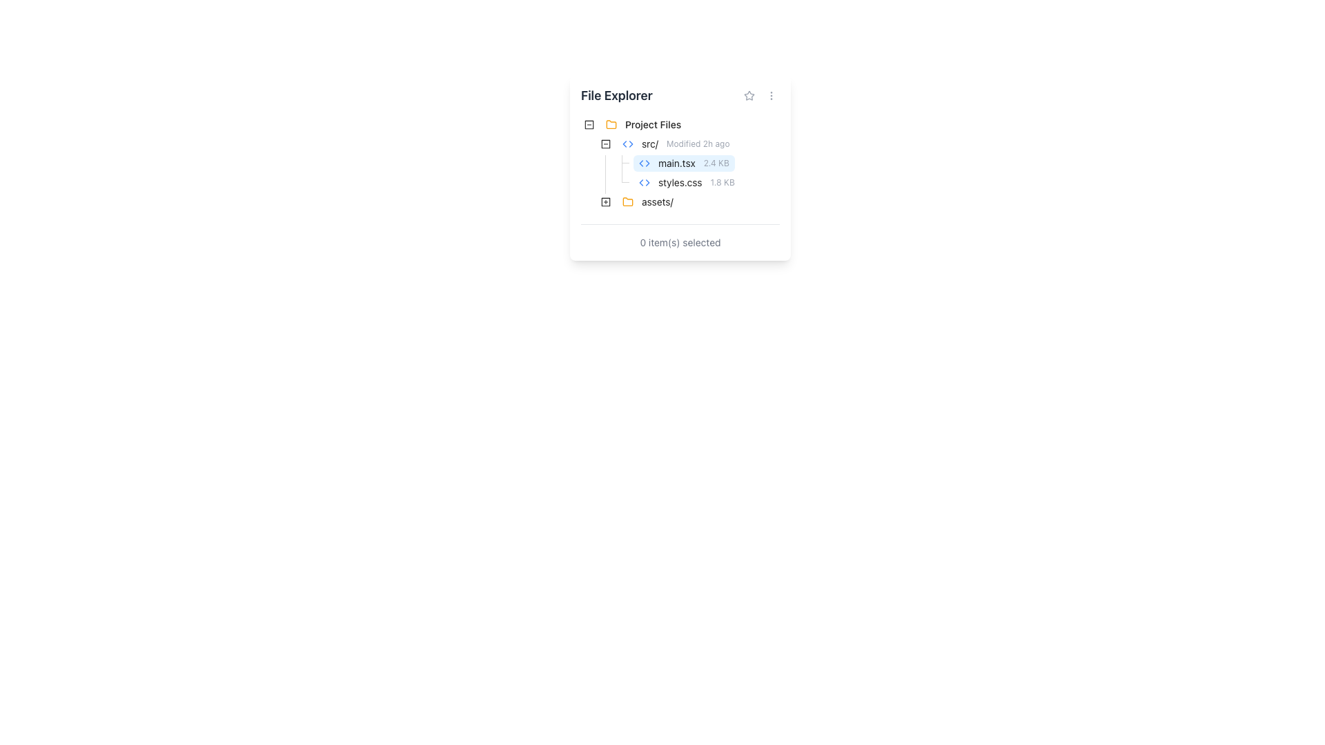 The width and height of the screenshot is (1325, 745). What do you see at coordinates (748, 95) in the screenshot?
I see `the star-shaped SVG icon with a gray outline located in the top-right corner of the file explorer pane` at bounding box center [748, 95].